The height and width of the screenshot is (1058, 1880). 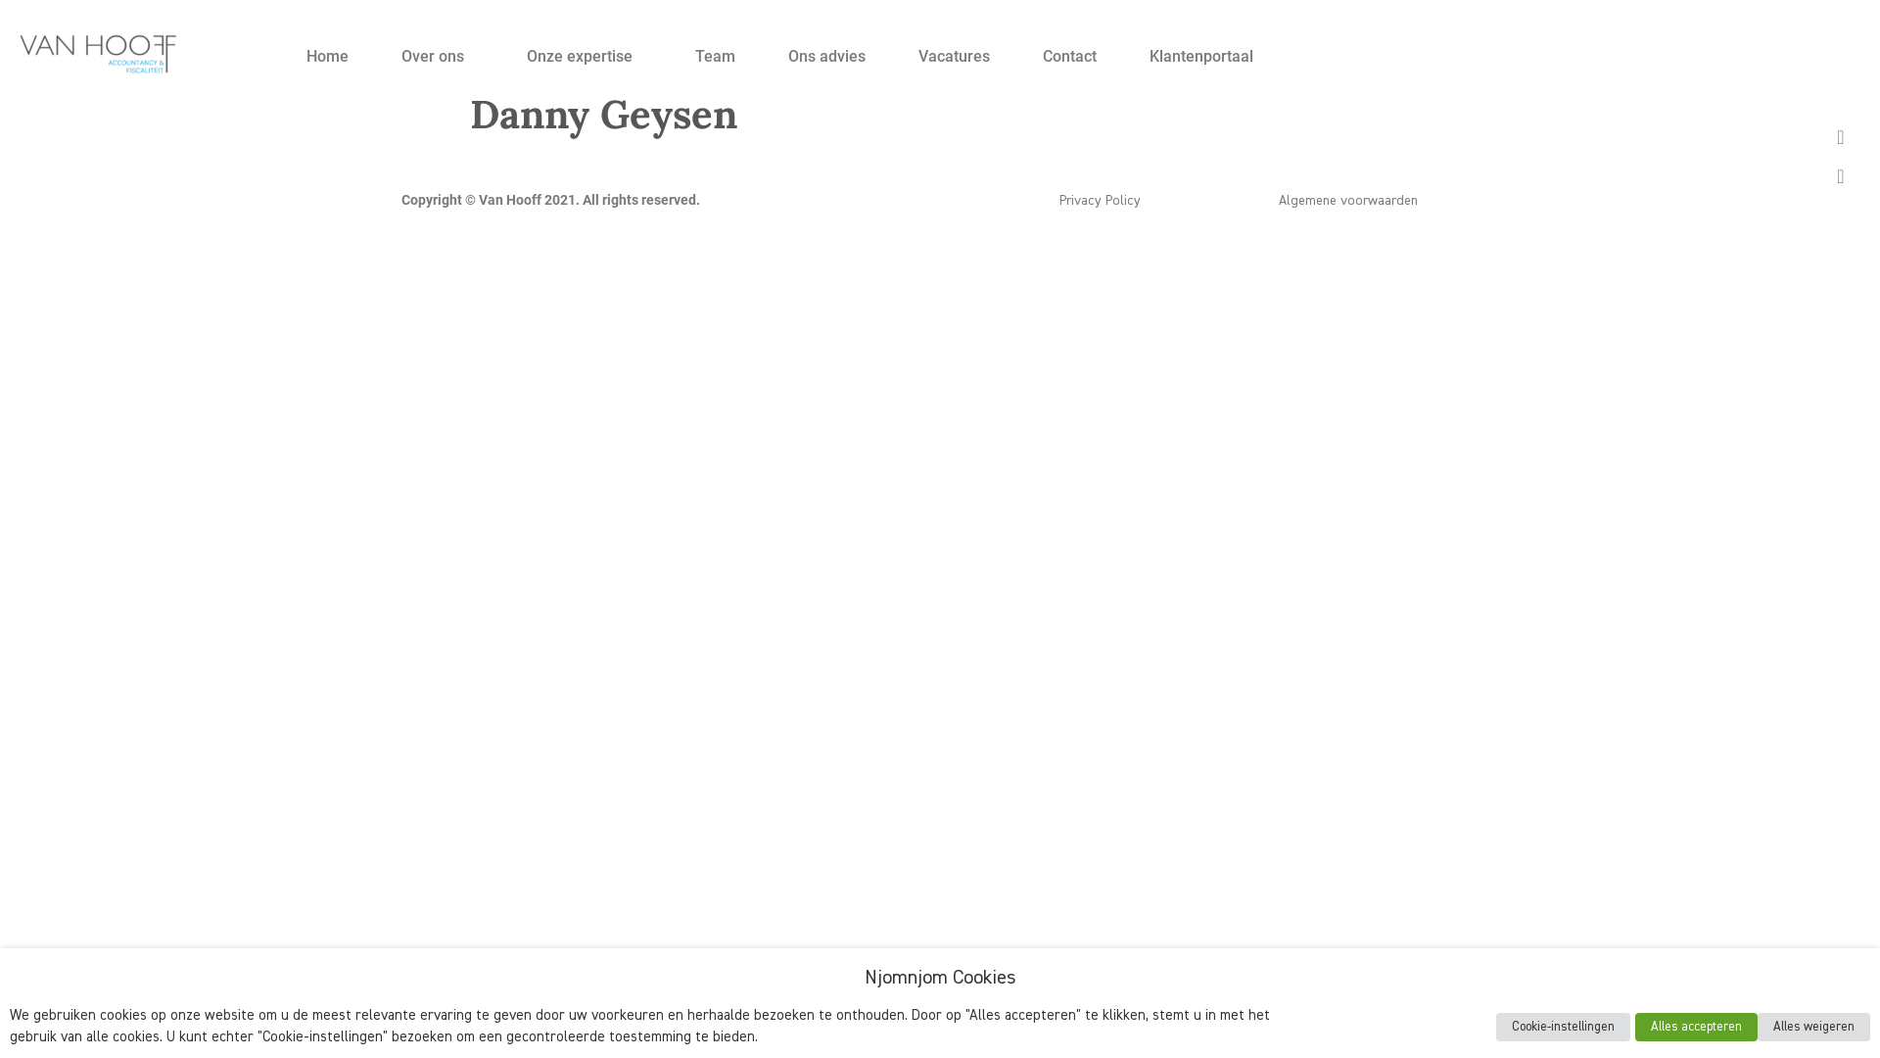 What do you see at coordinates (1562, 1026) in the screenshot?
I see `'Cookie-instellingen'` at bounding box center [1562, 1026].